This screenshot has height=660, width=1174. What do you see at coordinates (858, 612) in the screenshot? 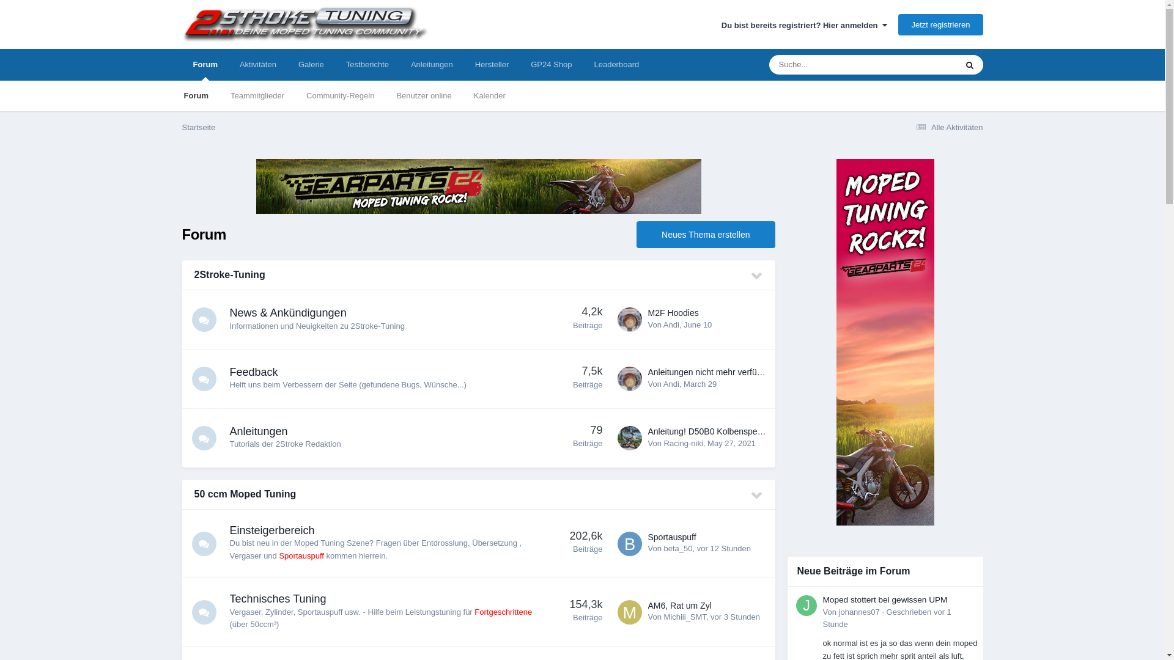
I see `'johannes07'` at bounding box center [858, 612].